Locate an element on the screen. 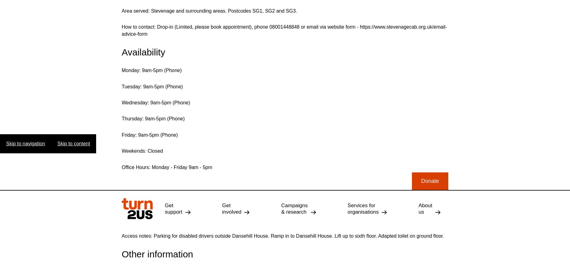  'Accessibility' is located at coordinates (275, 201).